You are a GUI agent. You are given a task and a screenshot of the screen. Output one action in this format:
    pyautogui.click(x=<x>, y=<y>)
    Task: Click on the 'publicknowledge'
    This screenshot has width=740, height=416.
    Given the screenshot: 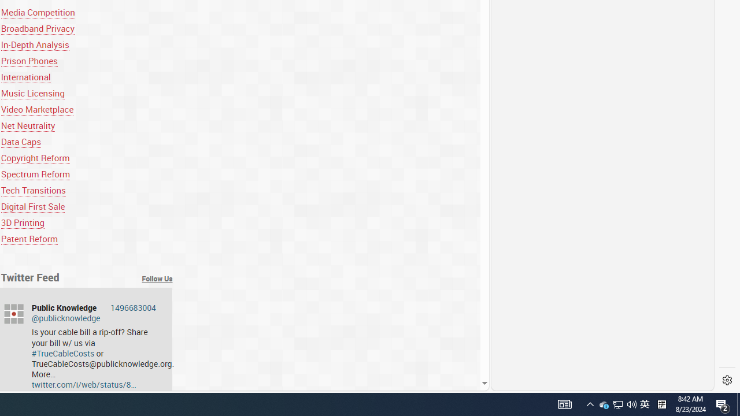 What is the action you would take?
    pyautogui.click(x=14, y=314)
    